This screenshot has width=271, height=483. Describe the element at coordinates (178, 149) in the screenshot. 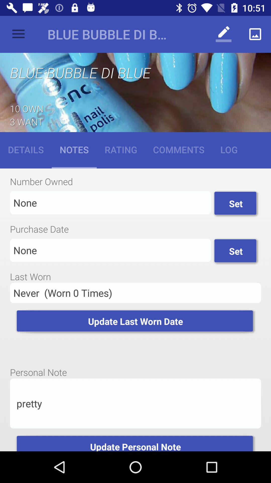

I see `item to the right of rating` at that location.